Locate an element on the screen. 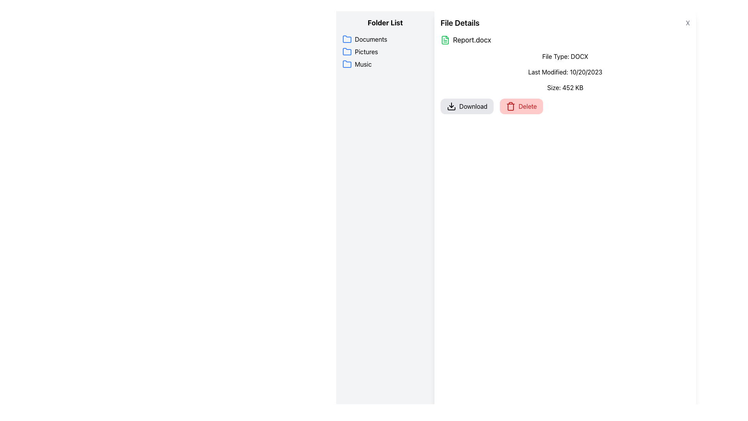  the delete icon located at the bottom right of the 'File Details' section, which precedes the 'Delete' text is located at coordinates (510, 106).